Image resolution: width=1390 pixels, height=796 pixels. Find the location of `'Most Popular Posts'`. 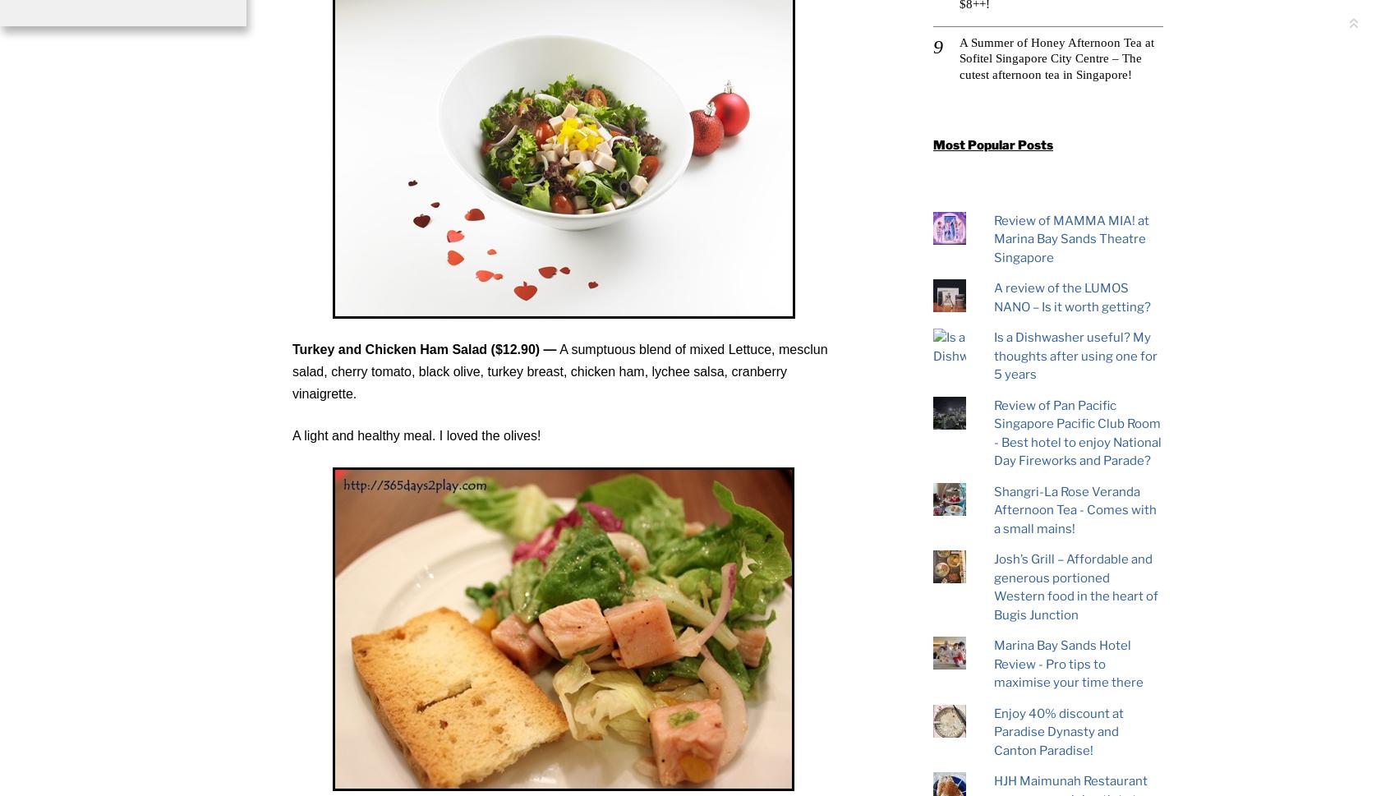

'Most Popular Posts' is located at coordinates (932, 145).